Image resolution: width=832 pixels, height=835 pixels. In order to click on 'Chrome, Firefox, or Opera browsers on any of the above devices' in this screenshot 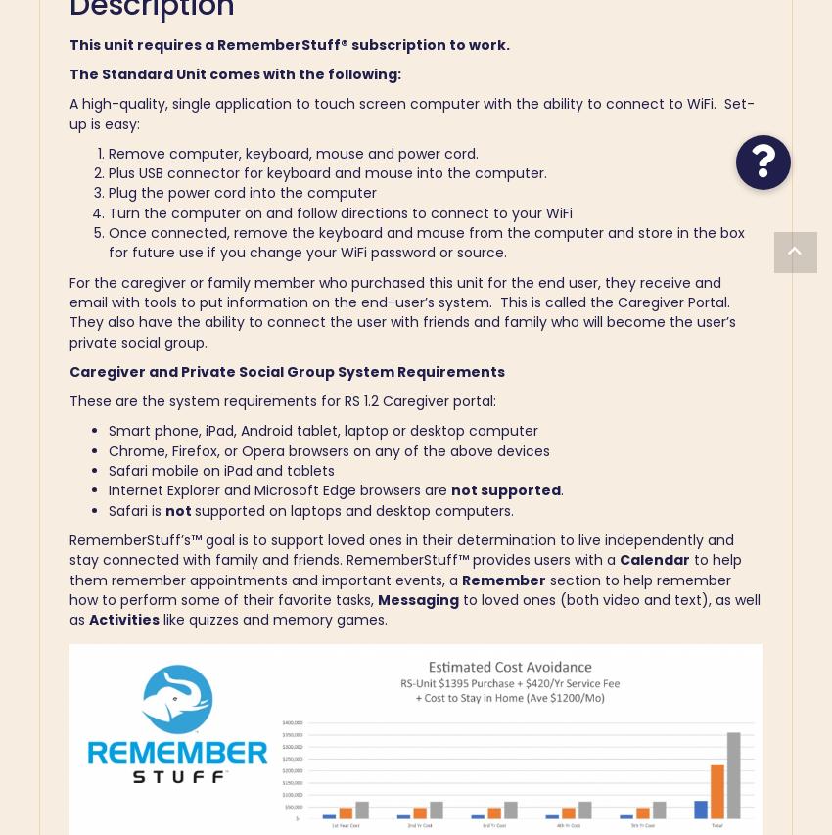, I will do `click(108, 449)`.